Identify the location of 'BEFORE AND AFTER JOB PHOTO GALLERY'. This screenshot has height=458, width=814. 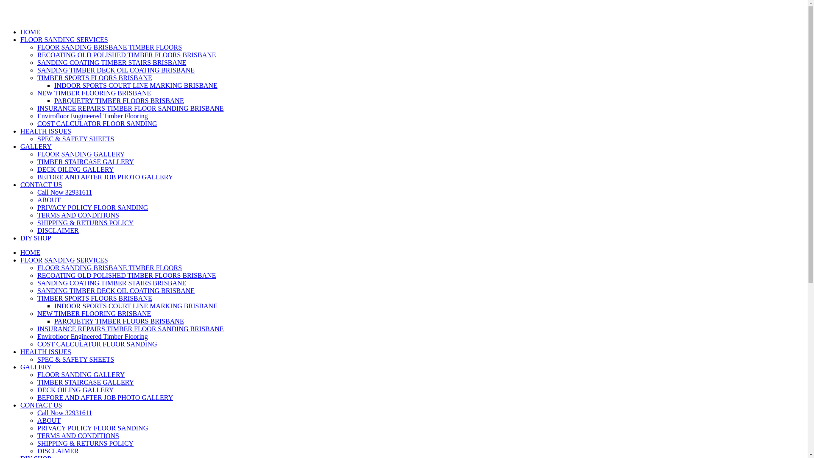
(105, 176).